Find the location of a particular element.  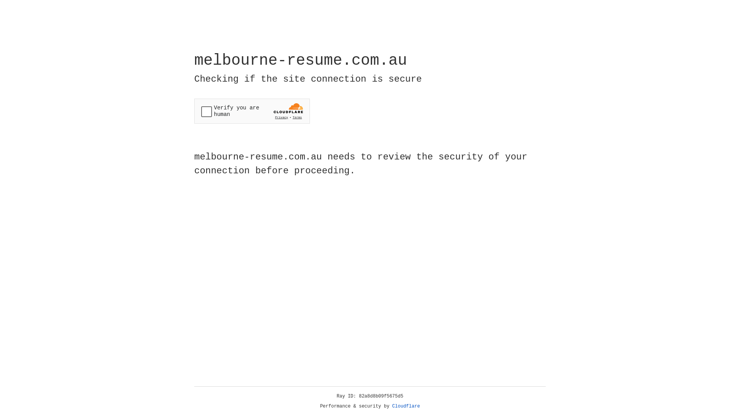

'Widget containing a Cloudflare security challenge' is located at coordinates (252, 111).